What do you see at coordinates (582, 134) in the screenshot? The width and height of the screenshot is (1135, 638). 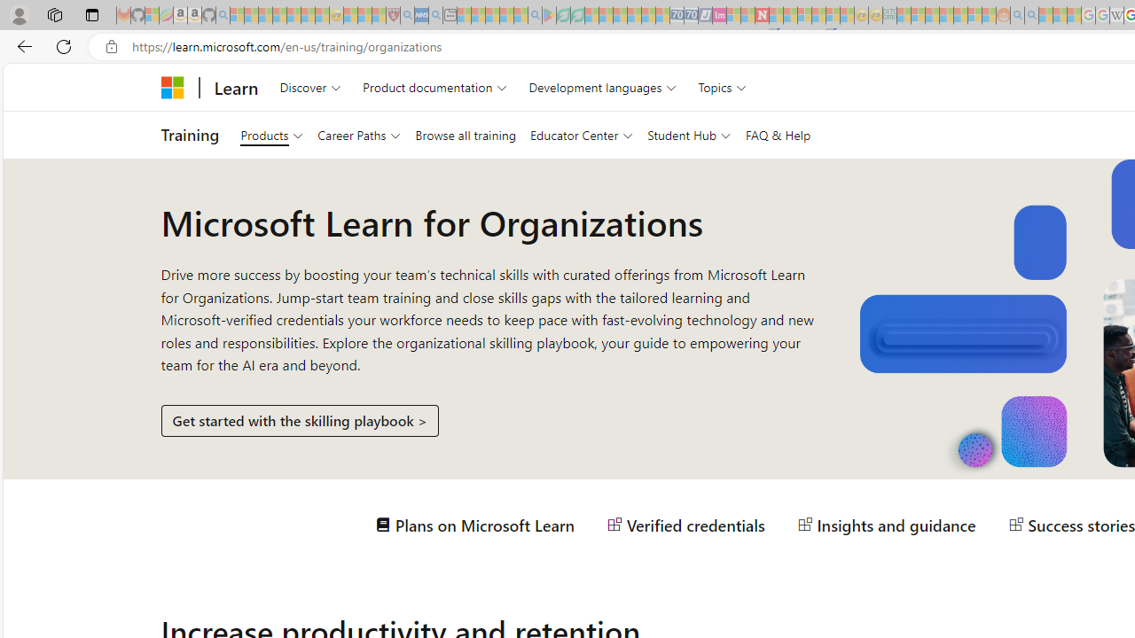 I see `'Educator Center'` at bounding box center [582, 134].